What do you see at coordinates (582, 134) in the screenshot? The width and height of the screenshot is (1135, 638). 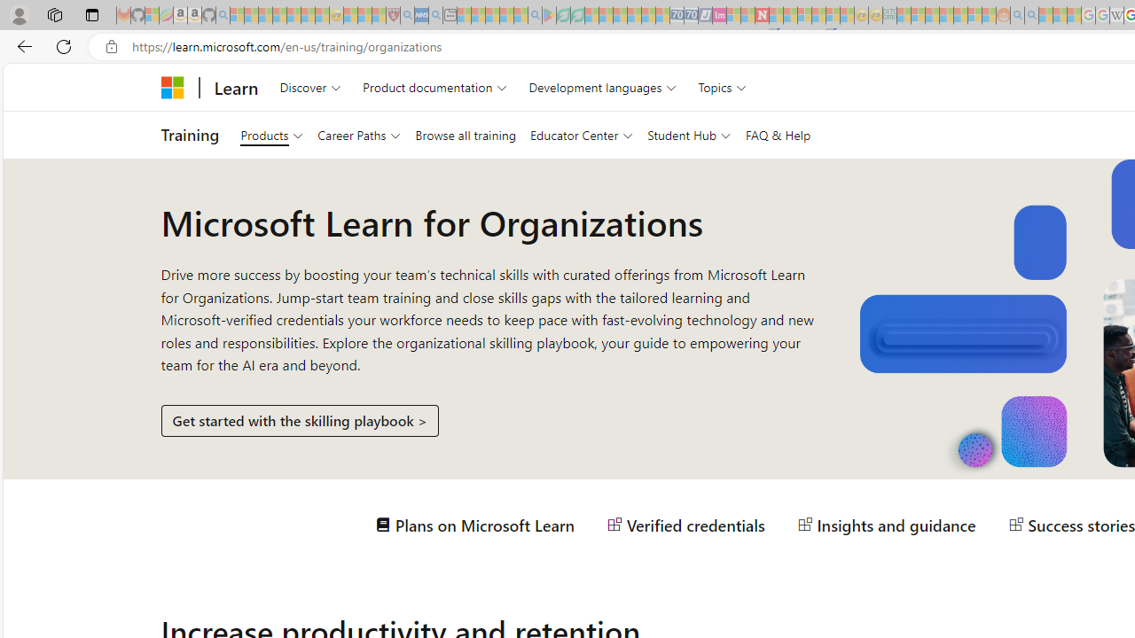 I see `'Educator Center'` at bounding box center [582, 134].